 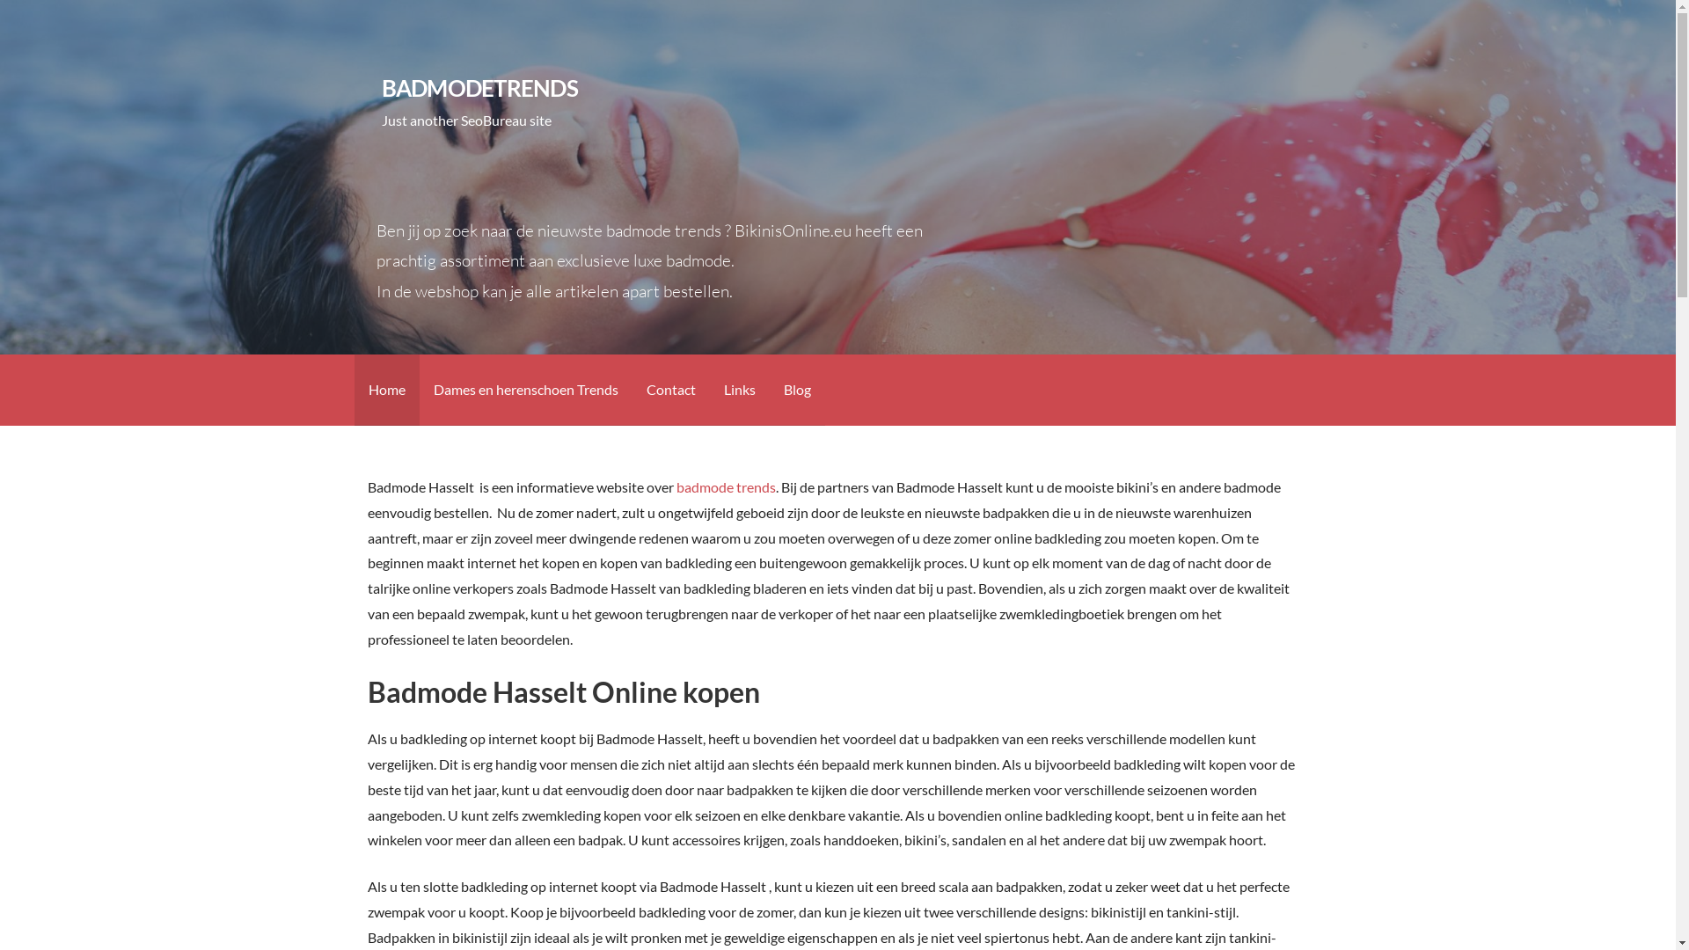 What do you see at coordinates (669, 389) in the screenshot?
I see `'Contact'` at bounding box center [669, 389].